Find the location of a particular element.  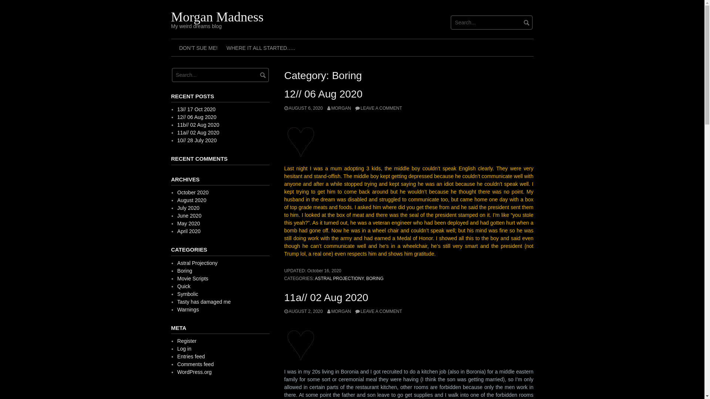

'Movie Scripts' is located at coordinates (177, 278).